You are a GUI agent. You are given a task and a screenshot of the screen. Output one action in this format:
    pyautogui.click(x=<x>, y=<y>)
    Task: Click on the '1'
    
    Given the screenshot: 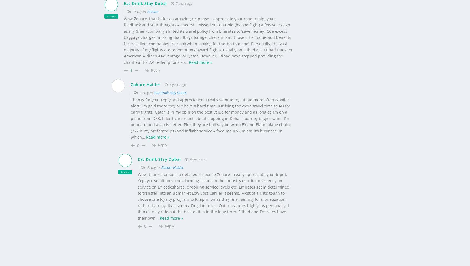 What is the action you would take?
    pyautogui.click(x=131, y=61)
    